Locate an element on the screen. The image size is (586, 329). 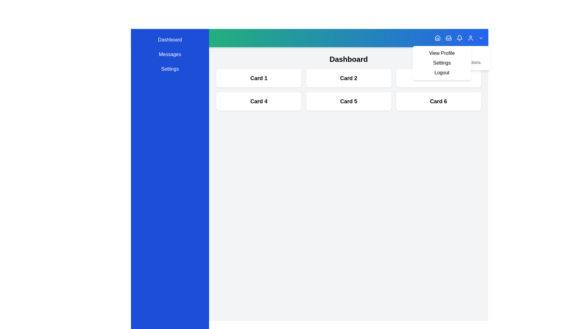
the second content card in the dashboard, positioned between 'Card 1' and 'Card 3' is located at coordinates (349, 78).